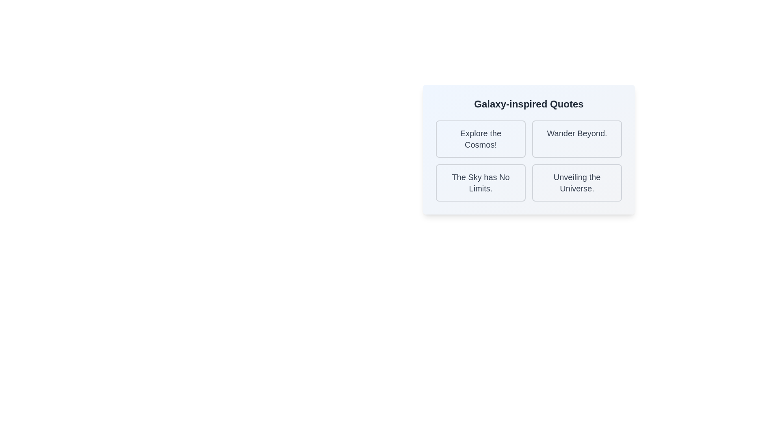 Image resolution: width=780 pixels, height=438 pixels. Describe the element at coordinates (576, 183) in the screenshot. I see `the Text panel that contains the text 'Unveiling the Universe.'` at that location.